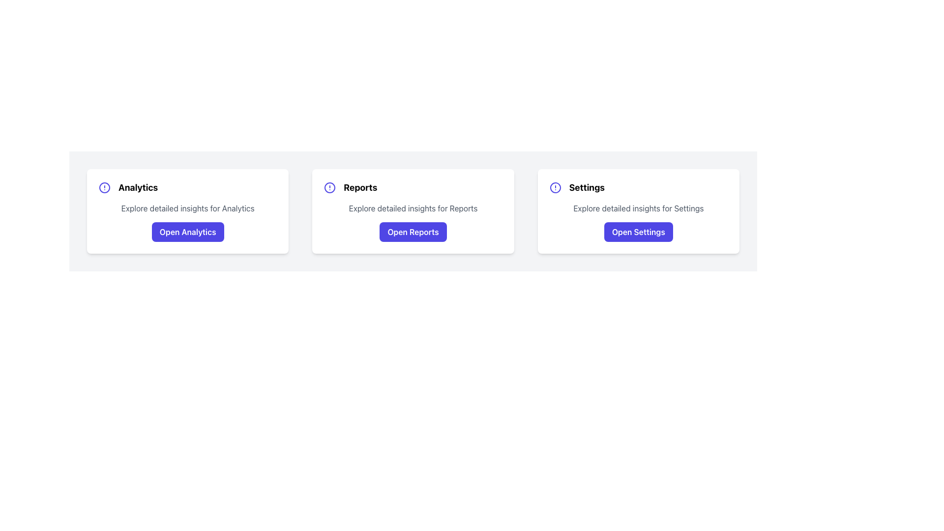  What do you see at coordinates (587, 187) in the screenshot?
I see `the Static Text element located in the 'Settings' section, which serves as a title or heading, positioned to the right of a circular icon` at bounding box center [587, 187].